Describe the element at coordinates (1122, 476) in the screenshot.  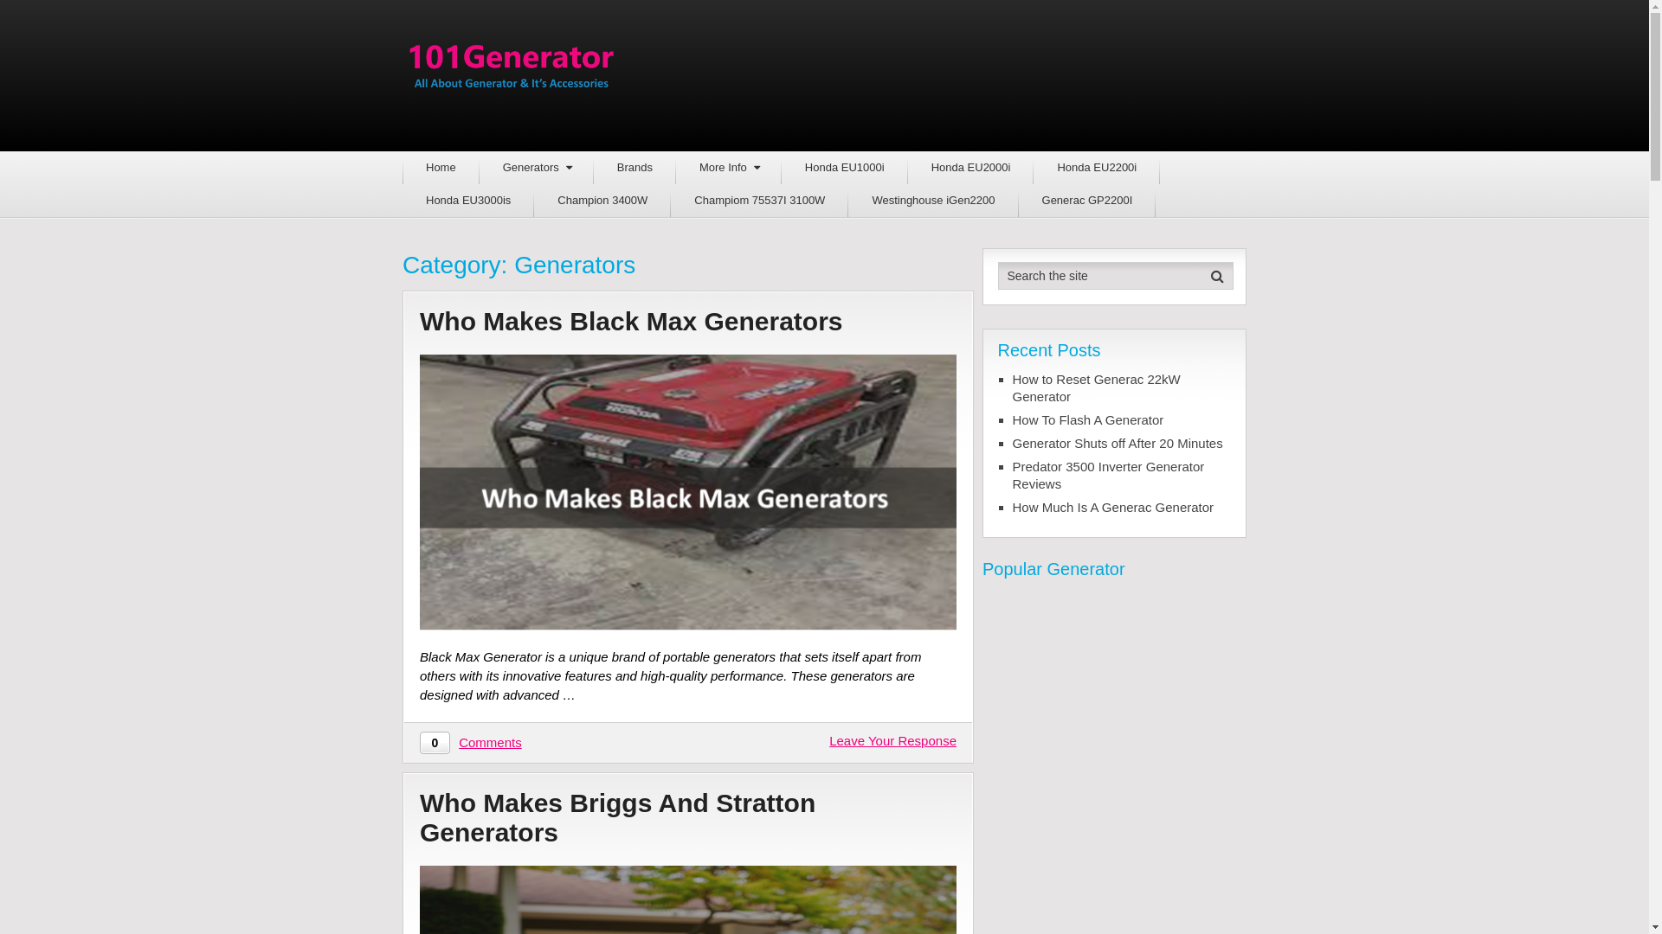
I see `'Predator 3500 Inverter Generator Reviews'` at that location.